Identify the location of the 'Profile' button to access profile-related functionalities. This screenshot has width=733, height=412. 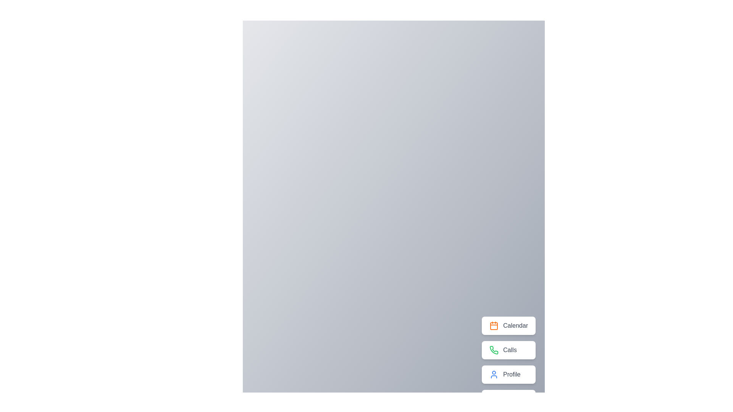
(509, 374).